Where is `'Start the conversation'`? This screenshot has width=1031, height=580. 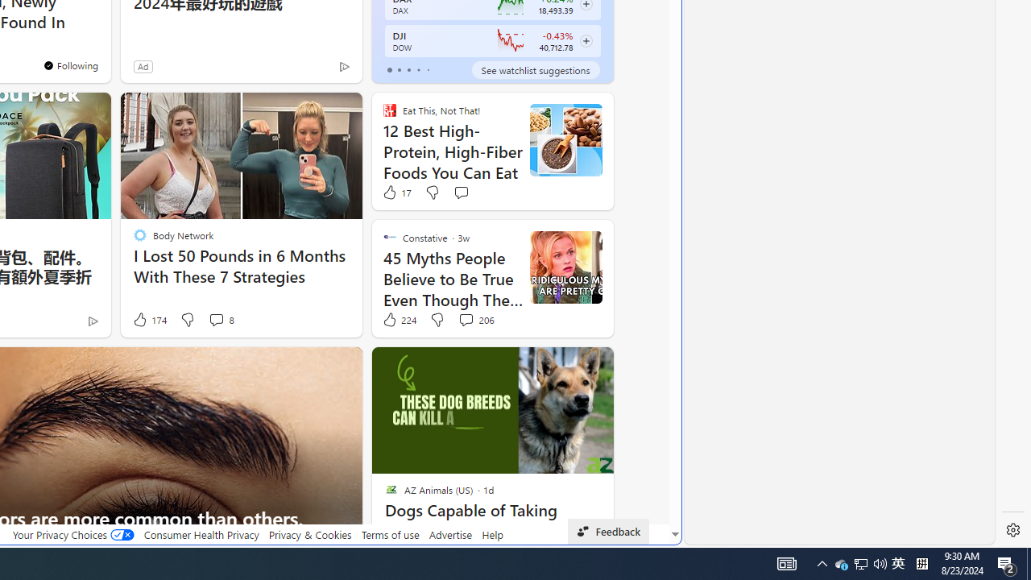
'Start the conversation' is located at coordinates (460, 191).